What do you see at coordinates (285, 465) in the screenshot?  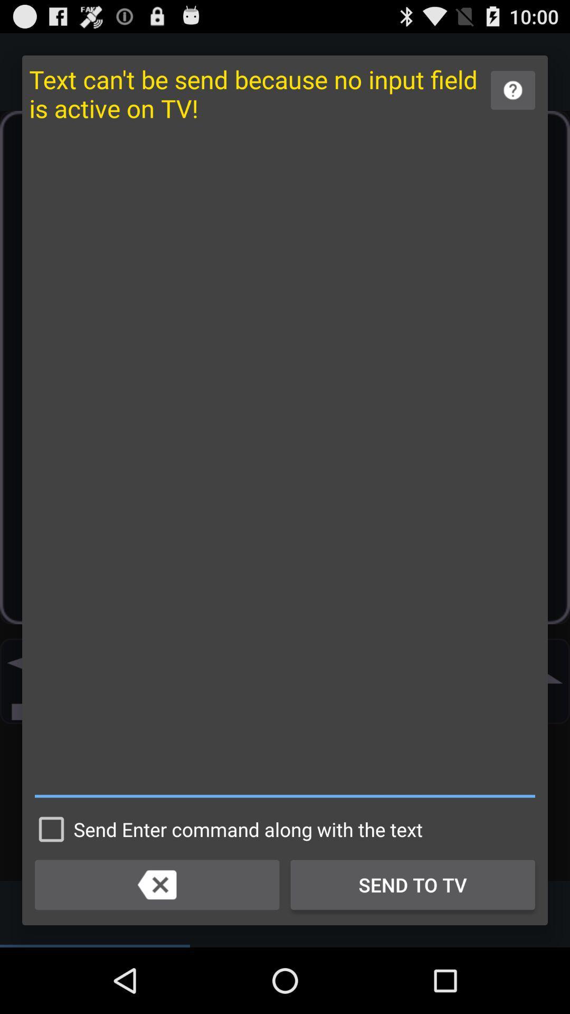 I see `icon` at bounding box center [285, 465].